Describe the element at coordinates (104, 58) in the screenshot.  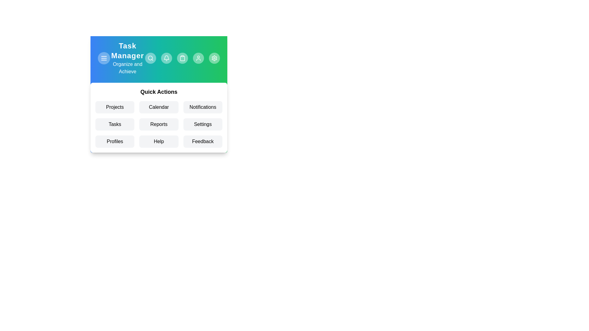
I see `the menu button to toggle the menu visibility` at that location.